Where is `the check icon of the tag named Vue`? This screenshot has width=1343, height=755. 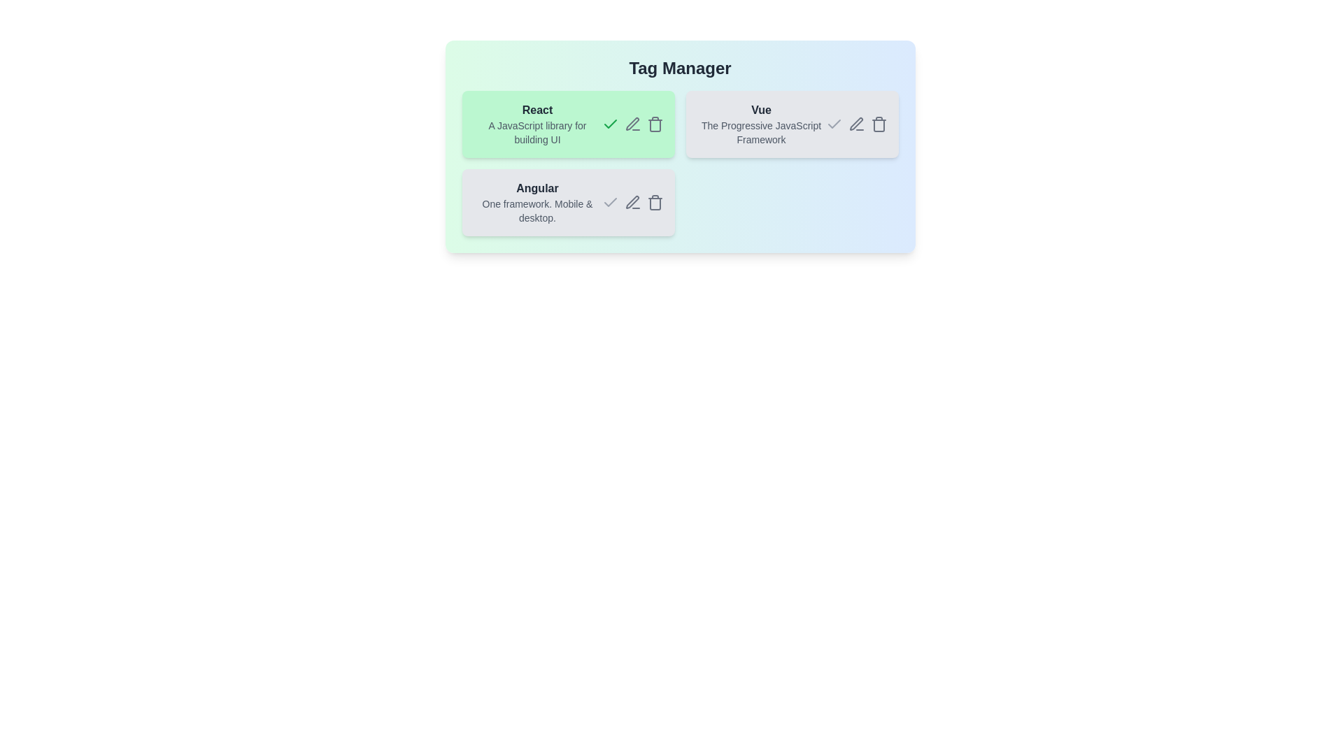 the check icon of the tag named Vue is located at coordinates (834, 123).